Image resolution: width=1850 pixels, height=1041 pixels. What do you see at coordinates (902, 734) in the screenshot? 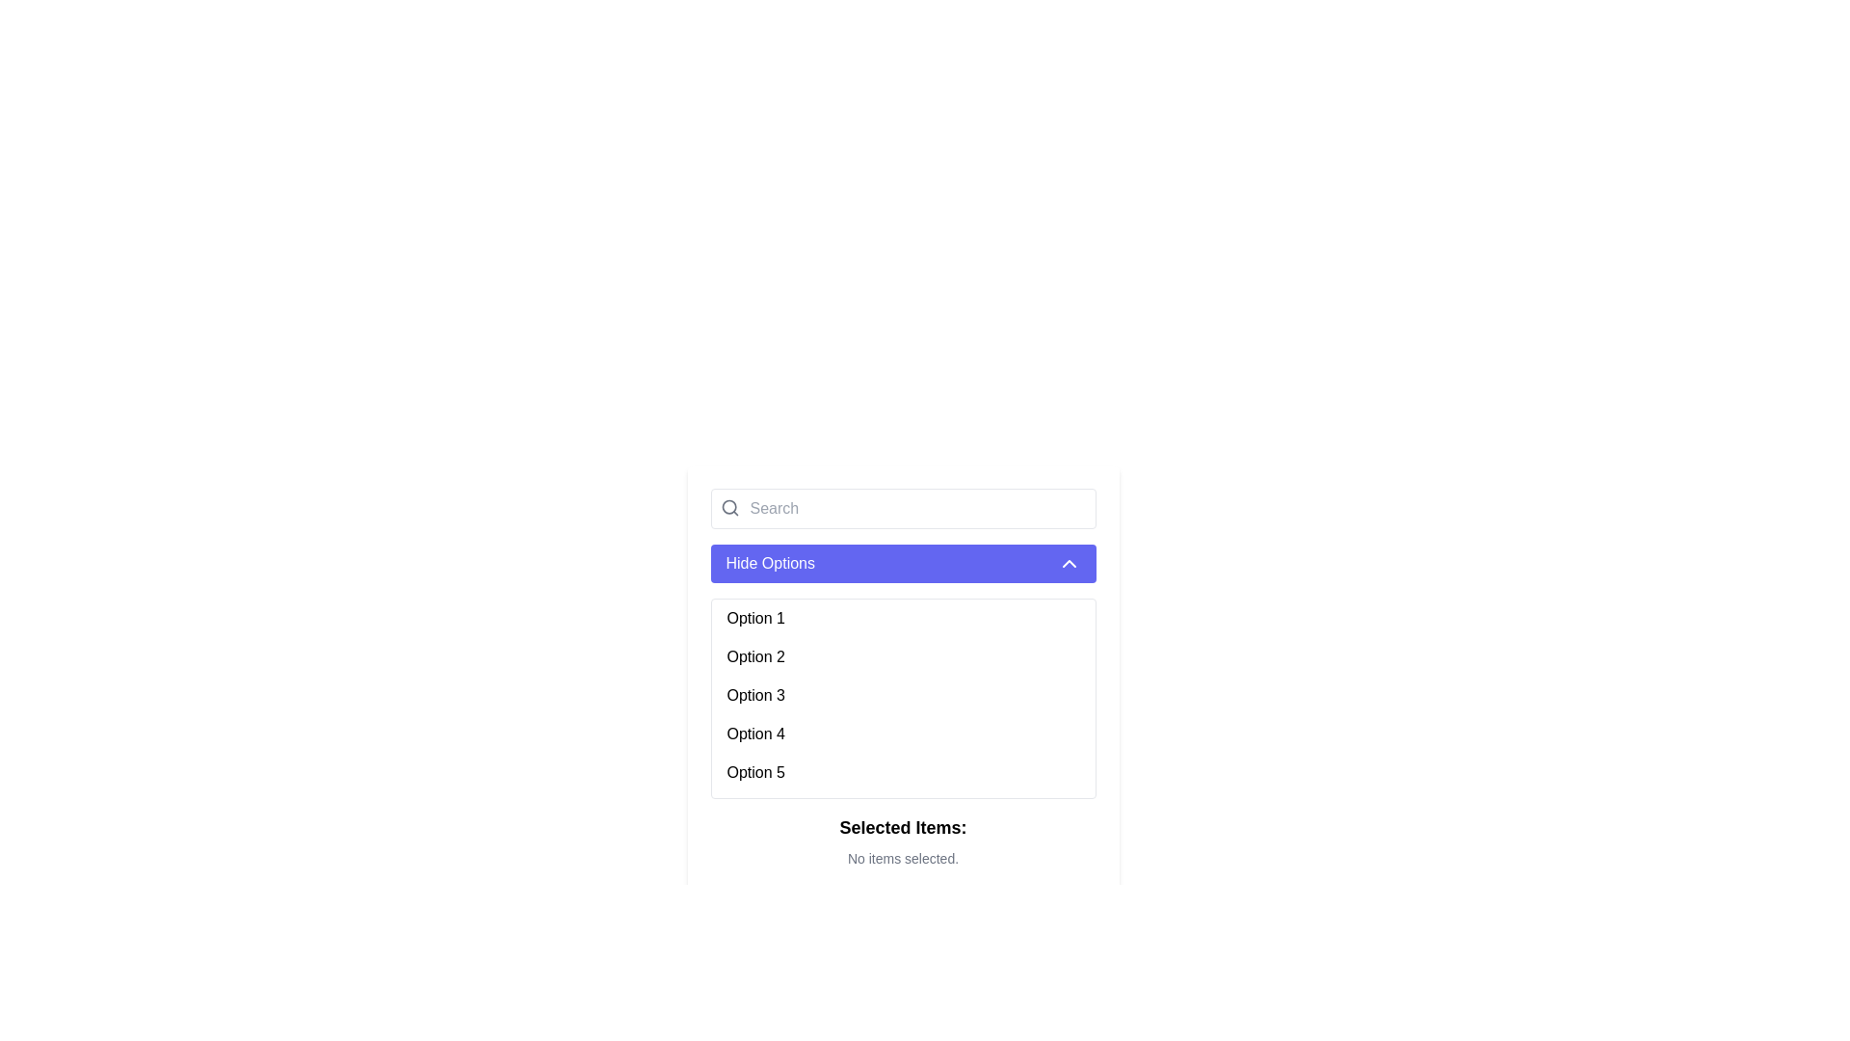
I see `the 'Option 4' selection in the dropdown menu` at bounding box center [902, 734].